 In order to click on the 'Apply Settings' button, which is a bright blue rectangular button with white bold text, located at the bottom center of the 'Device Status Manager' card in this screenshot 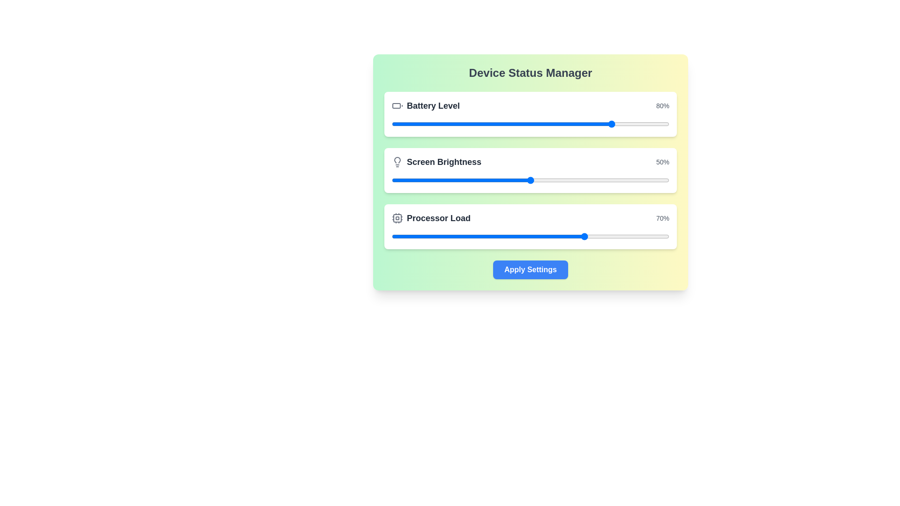, I will do `click(531, 269)`.